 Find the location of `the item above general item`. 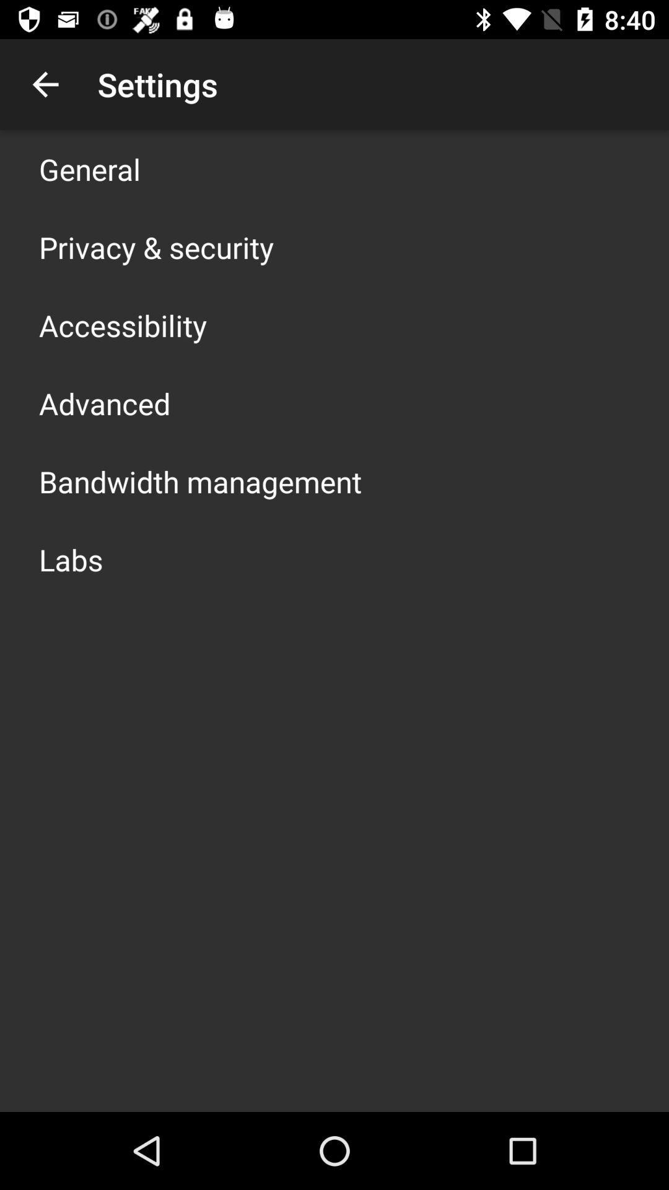

the item above general item is located at coordinates (45, 84).